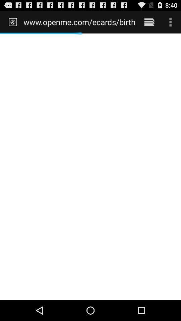  What do you see at coordinates (79, 22) in the screenshot?
I see `www openme com item` at bounding box center [79, 22].